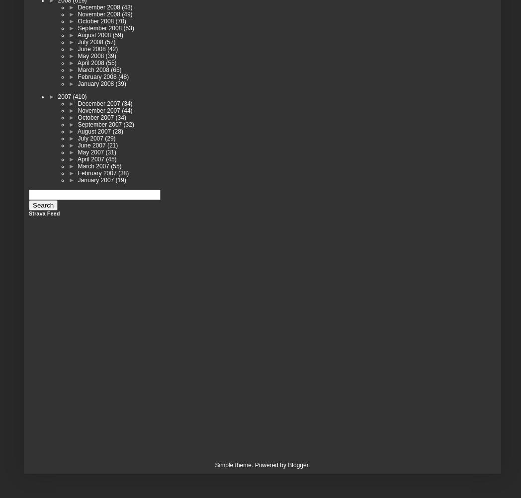 Image resolution: width=521 pixels, height=498 pixels. I want to click on '(29)', so click(110, 138).